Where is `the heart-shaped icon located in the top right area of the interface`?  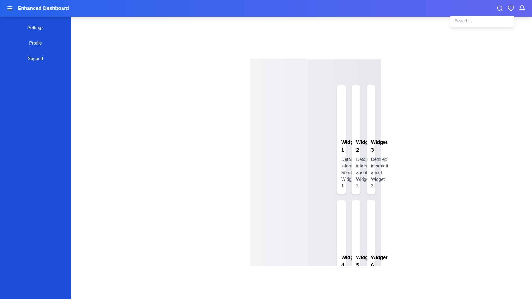 the heart-shaped icon located in the top right area of the interface is located at coordinates (510, 8).